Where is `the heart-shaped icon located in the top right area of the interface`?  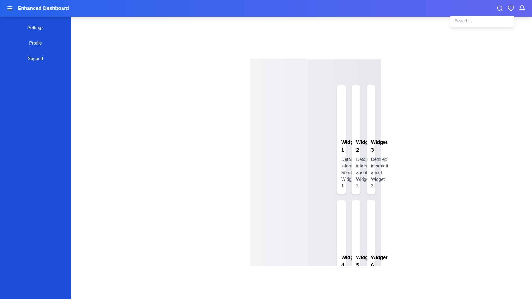 the heart-shaped icon located in the top right area of the interface is located at coordinates (510, 8).